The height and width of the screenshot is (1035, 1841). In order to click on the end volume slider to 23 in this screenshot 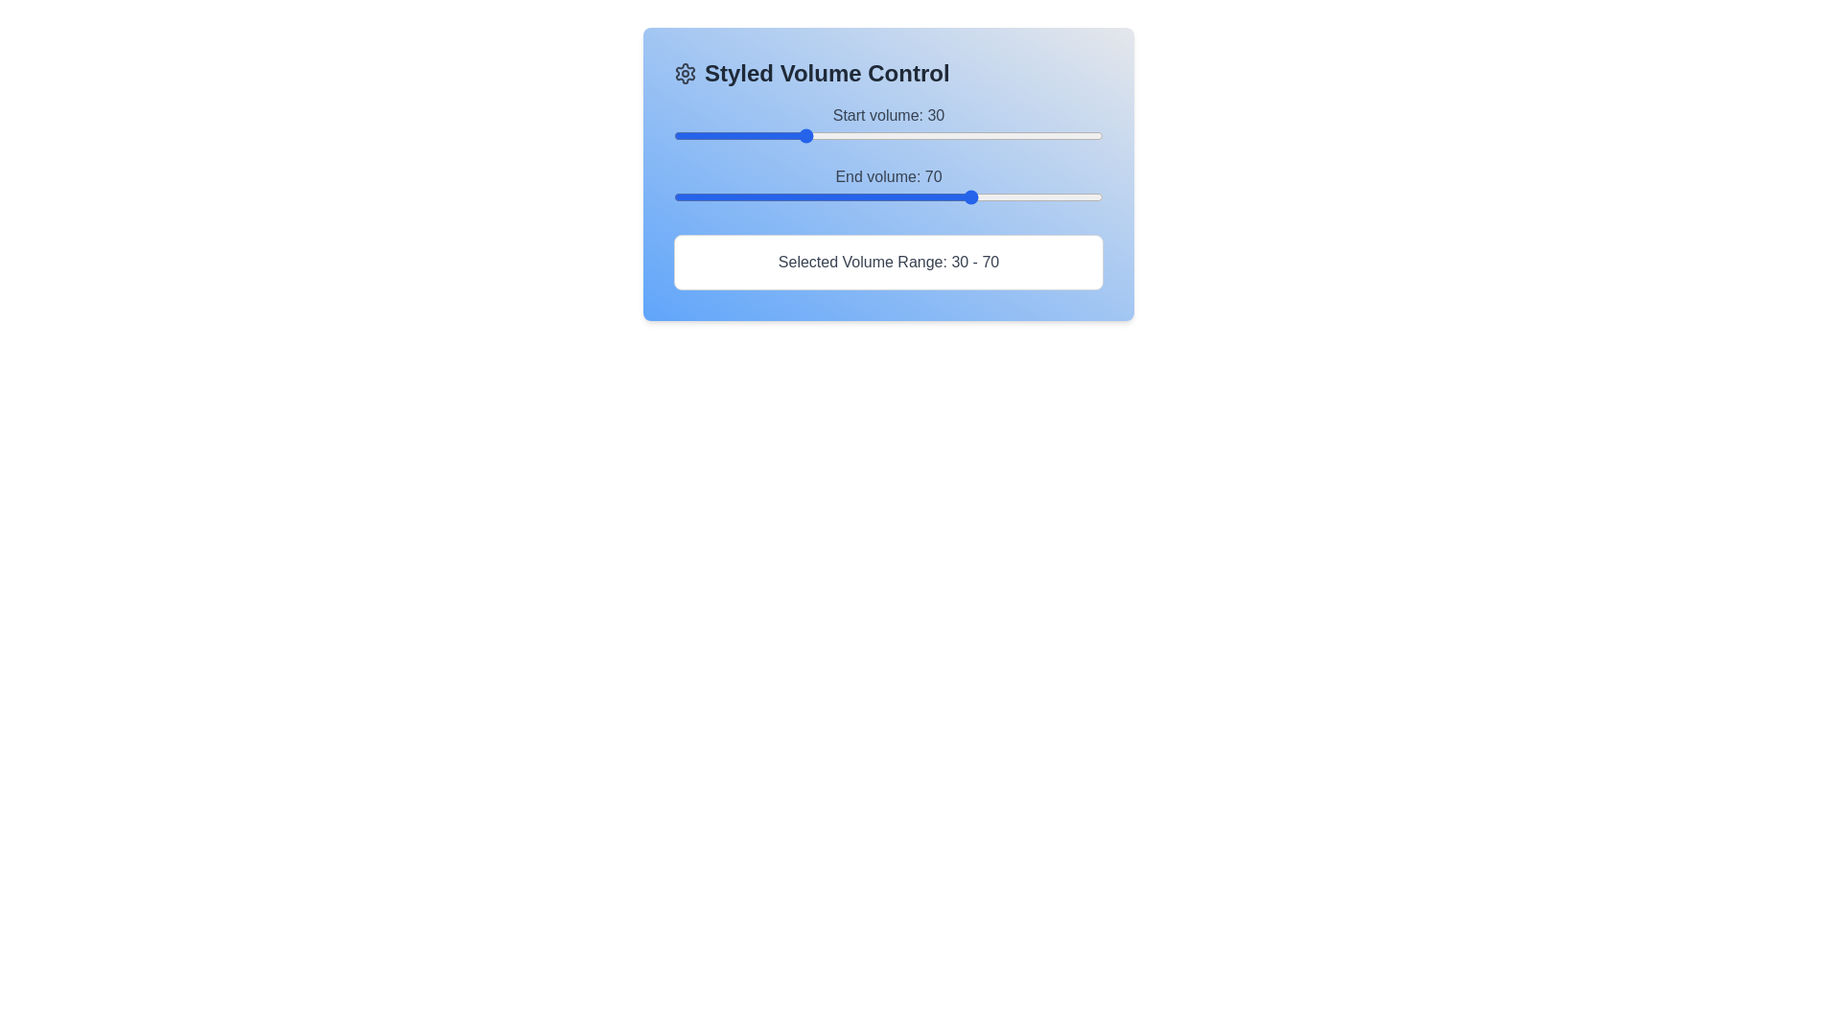, I will do `click(773, 196)`.